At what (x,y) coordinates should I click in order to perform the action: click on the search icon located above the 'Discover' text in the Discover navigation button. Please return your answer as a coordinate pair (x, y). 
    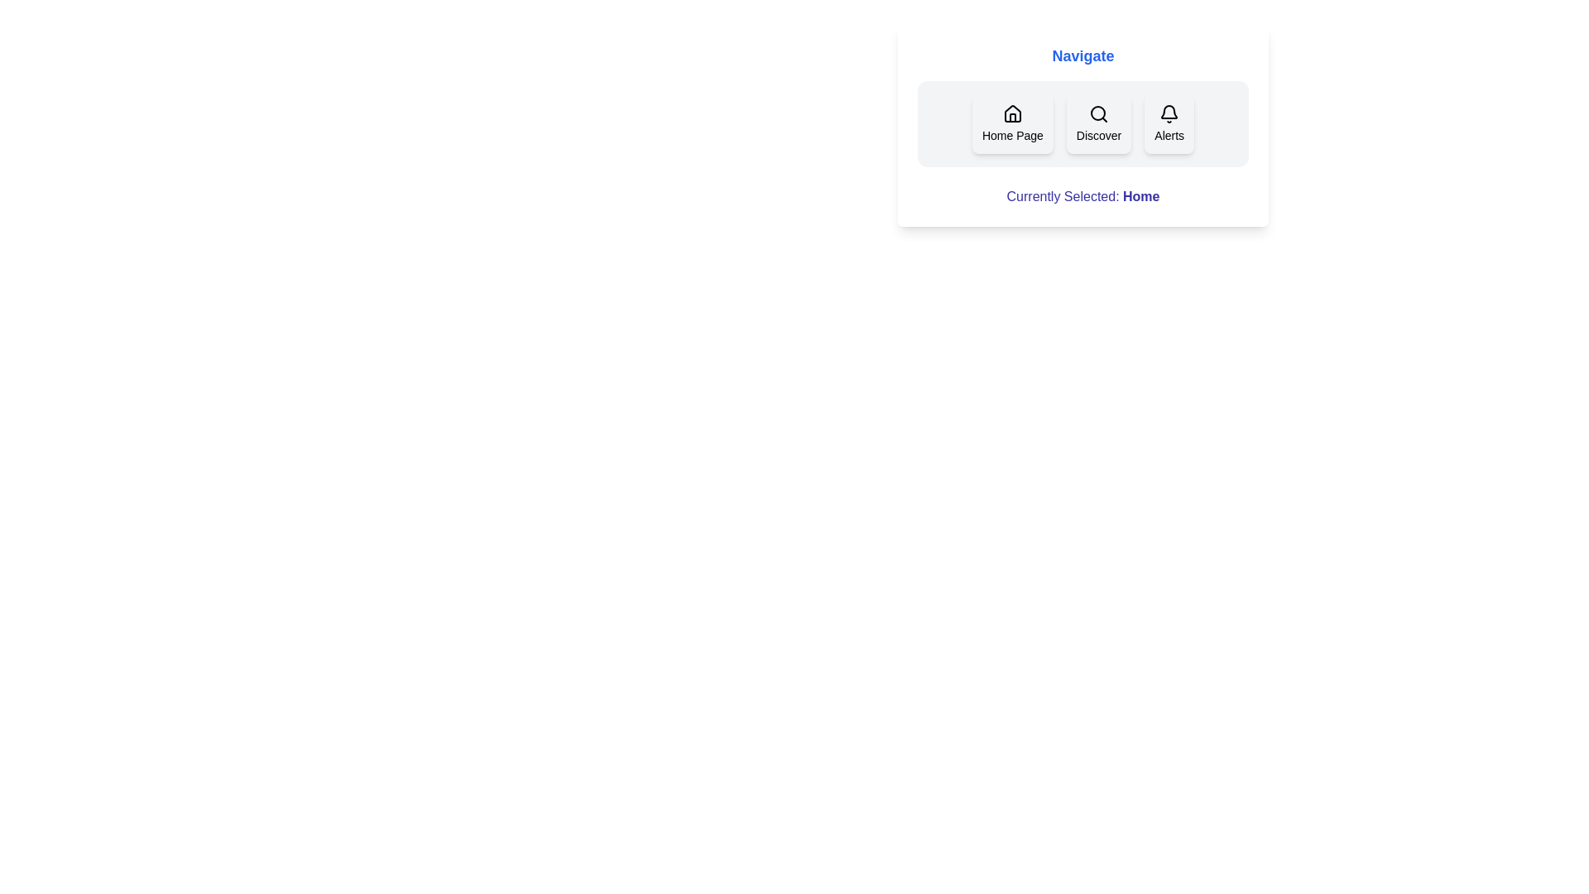
    Looking at the image, I should click on (1099, 113).